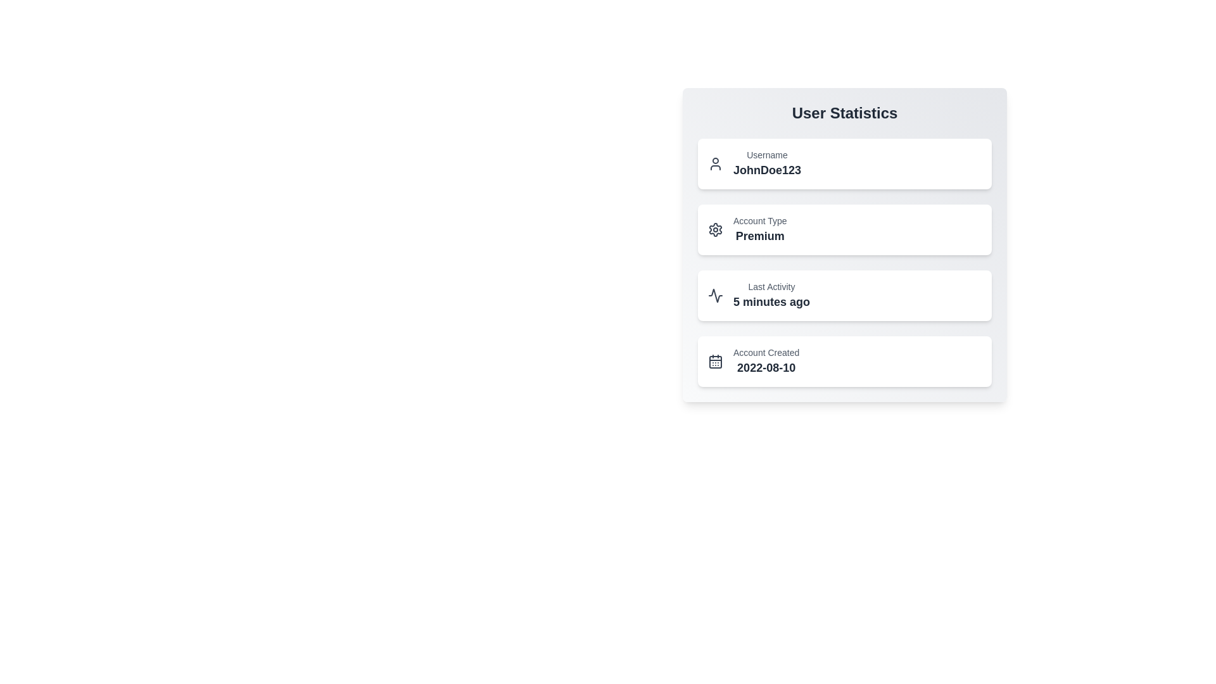  Describe the element at coordinates (771, 295) in the screenshot. I see `the informational text display element that shows 'Last Activity' and '5 minutes ago' for additional tooltip information` at that location.